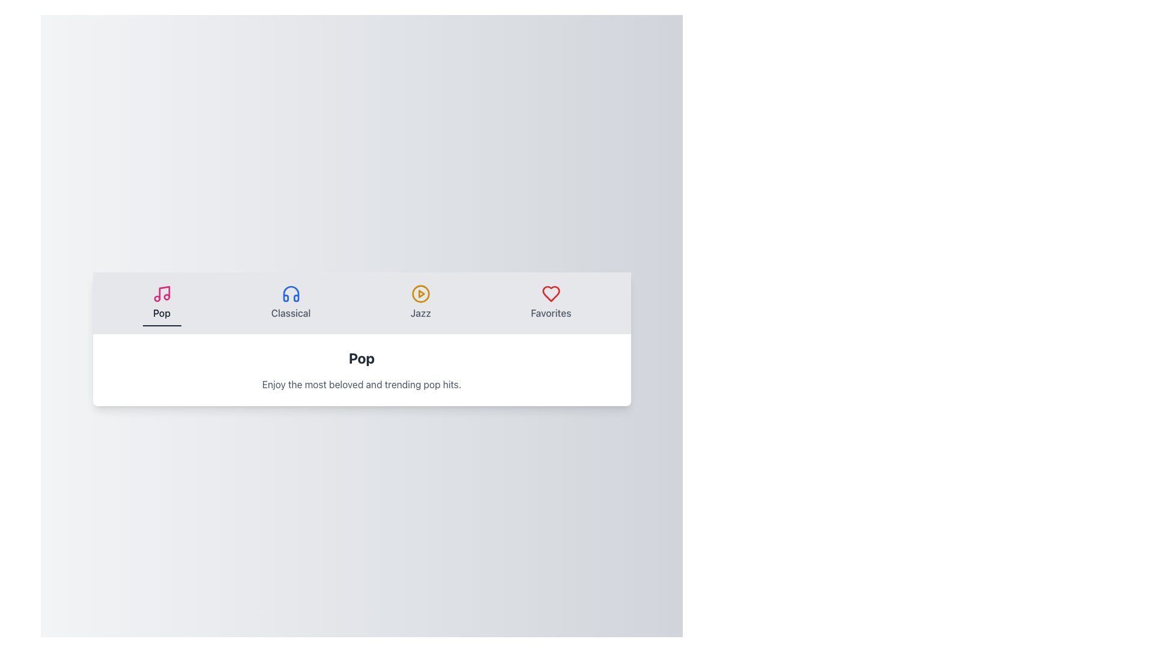 The image size is (1153, 648). What do you see at coordinates (291, 302) in the screenshot?
I see `the 'Classical' button, which is the second tile in the navigation bar, featuring a blue headphones icon and a light gray background` at bounding box center [291, 302].